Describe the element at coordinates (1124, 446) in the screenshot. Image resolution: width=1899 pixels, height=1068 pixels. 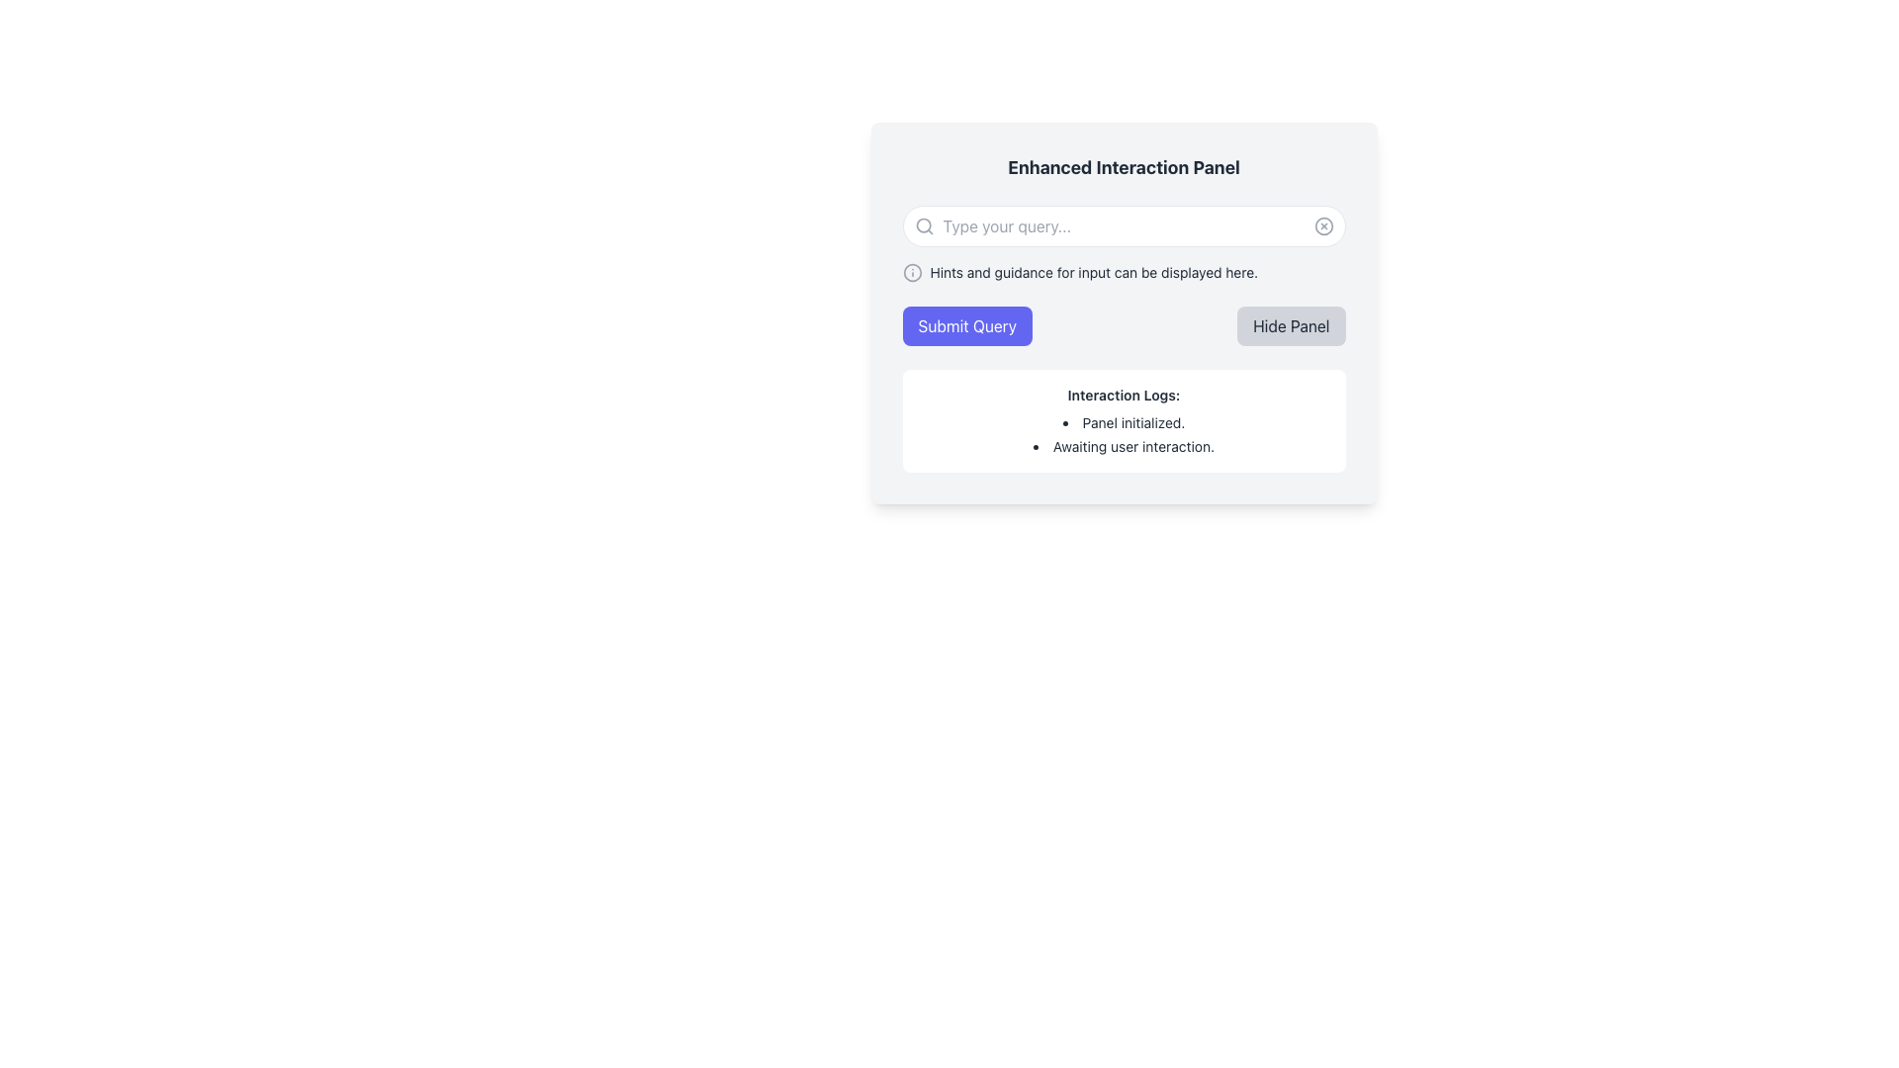
I see `message 'Awaiting user interaction.' which is the second item in the bullet list titled 'Interaction Logs.'` at that location.